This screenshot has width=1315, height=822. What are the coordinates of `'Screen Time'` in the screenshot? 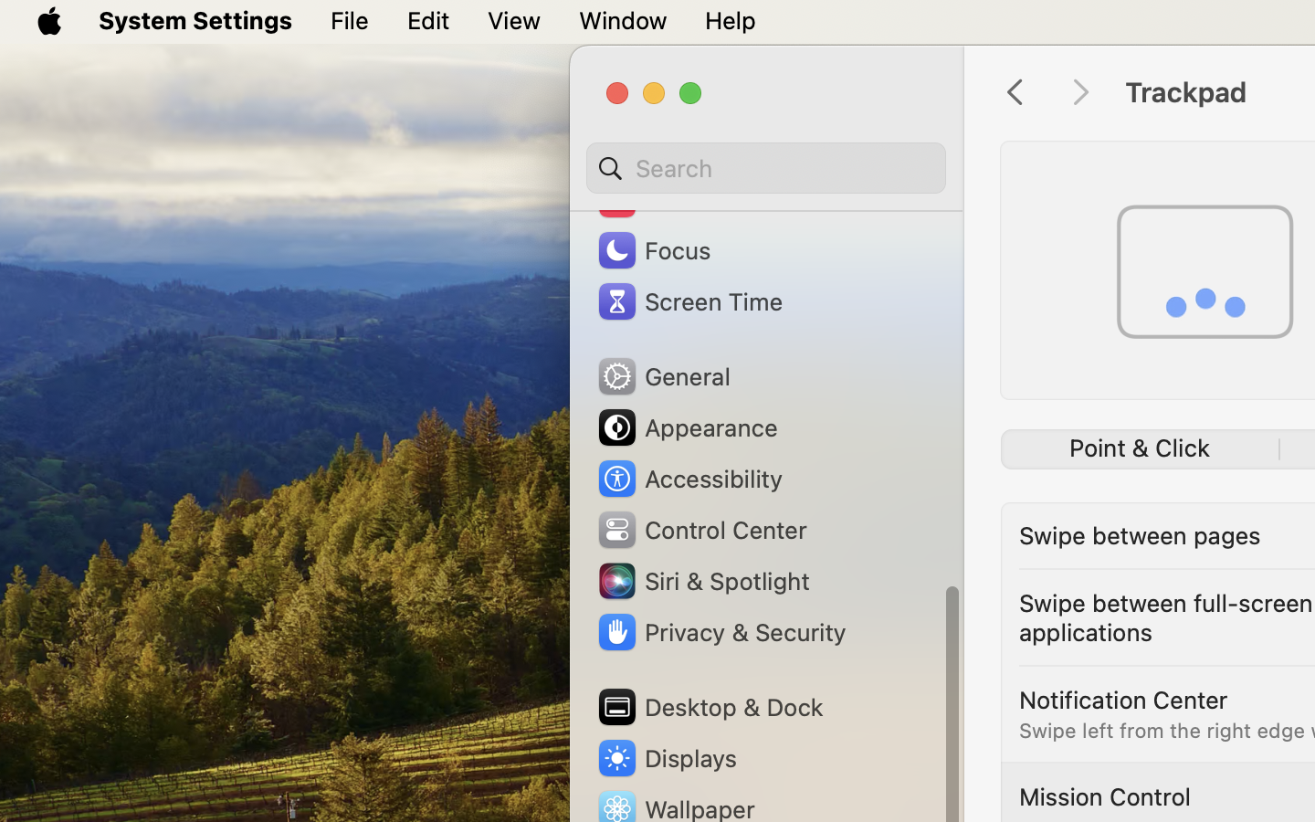 It's located at (688, 300).